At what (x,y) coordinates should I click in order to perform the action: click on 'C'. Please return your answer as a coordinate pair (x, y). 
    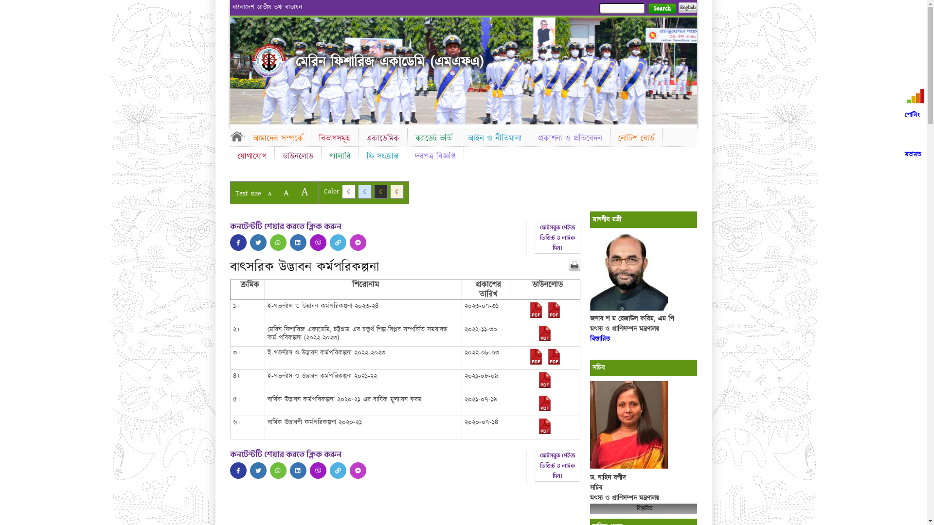
    Looking at the image, I should click on (348, 192).